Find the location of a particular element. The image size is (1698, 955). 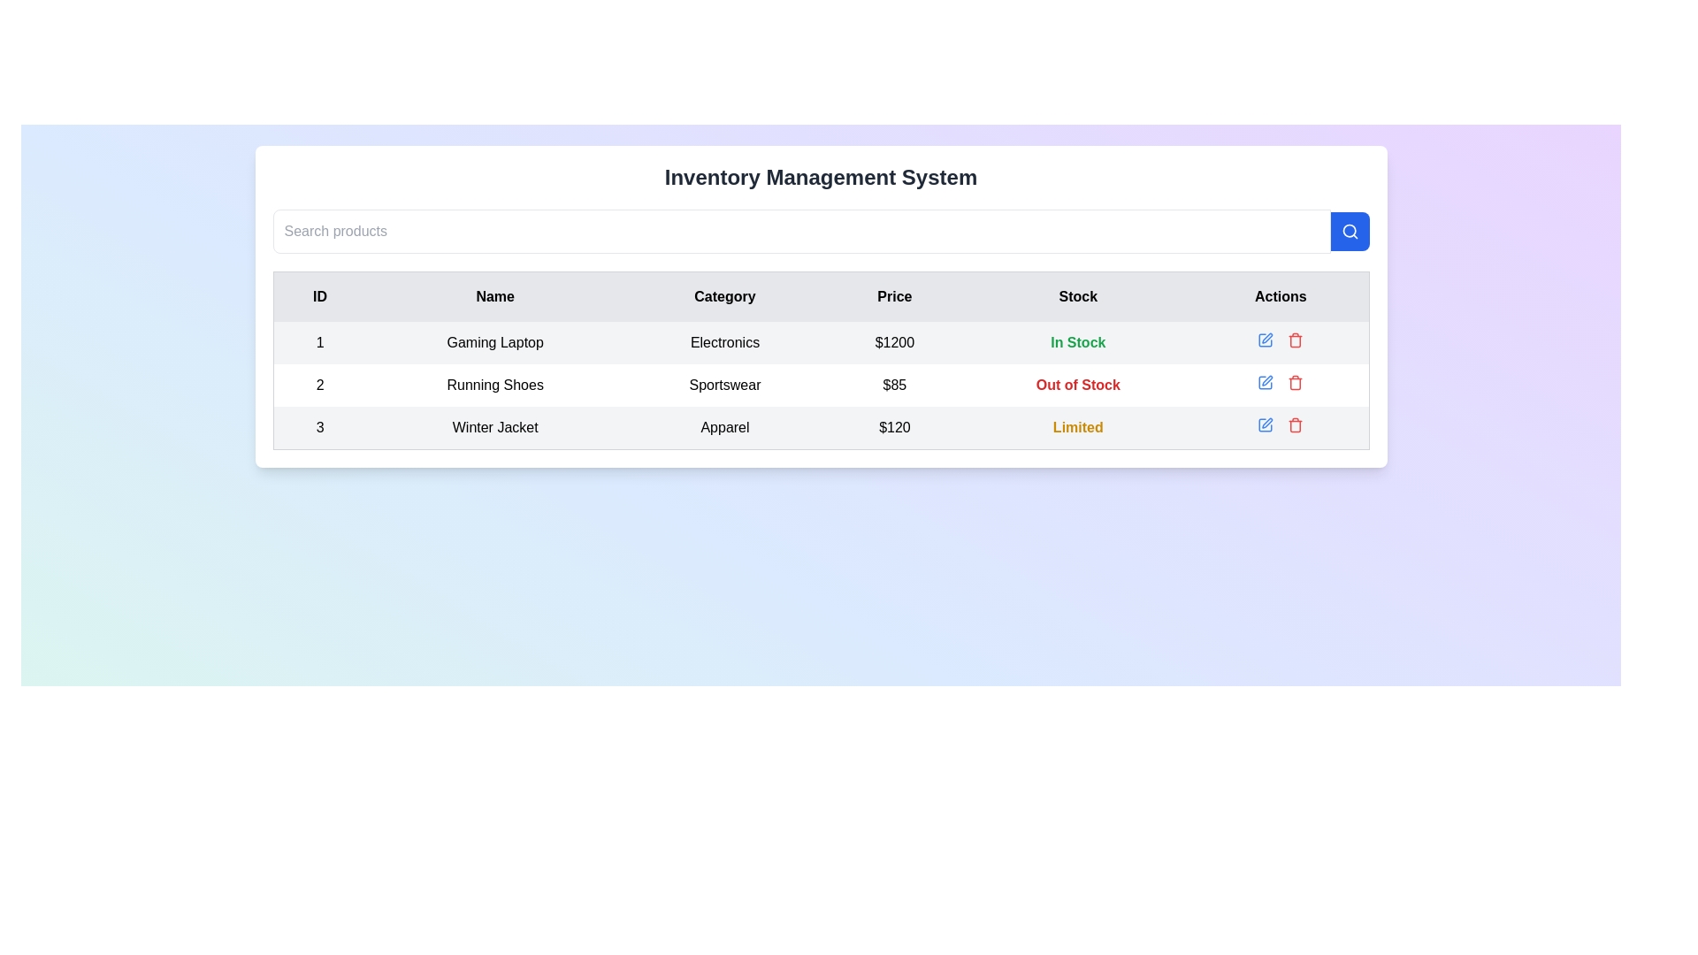

circular SVG icon representing the search function located in the top-right corner of the search bar interface for debugging purposes is located at coordinates (1348, 230).